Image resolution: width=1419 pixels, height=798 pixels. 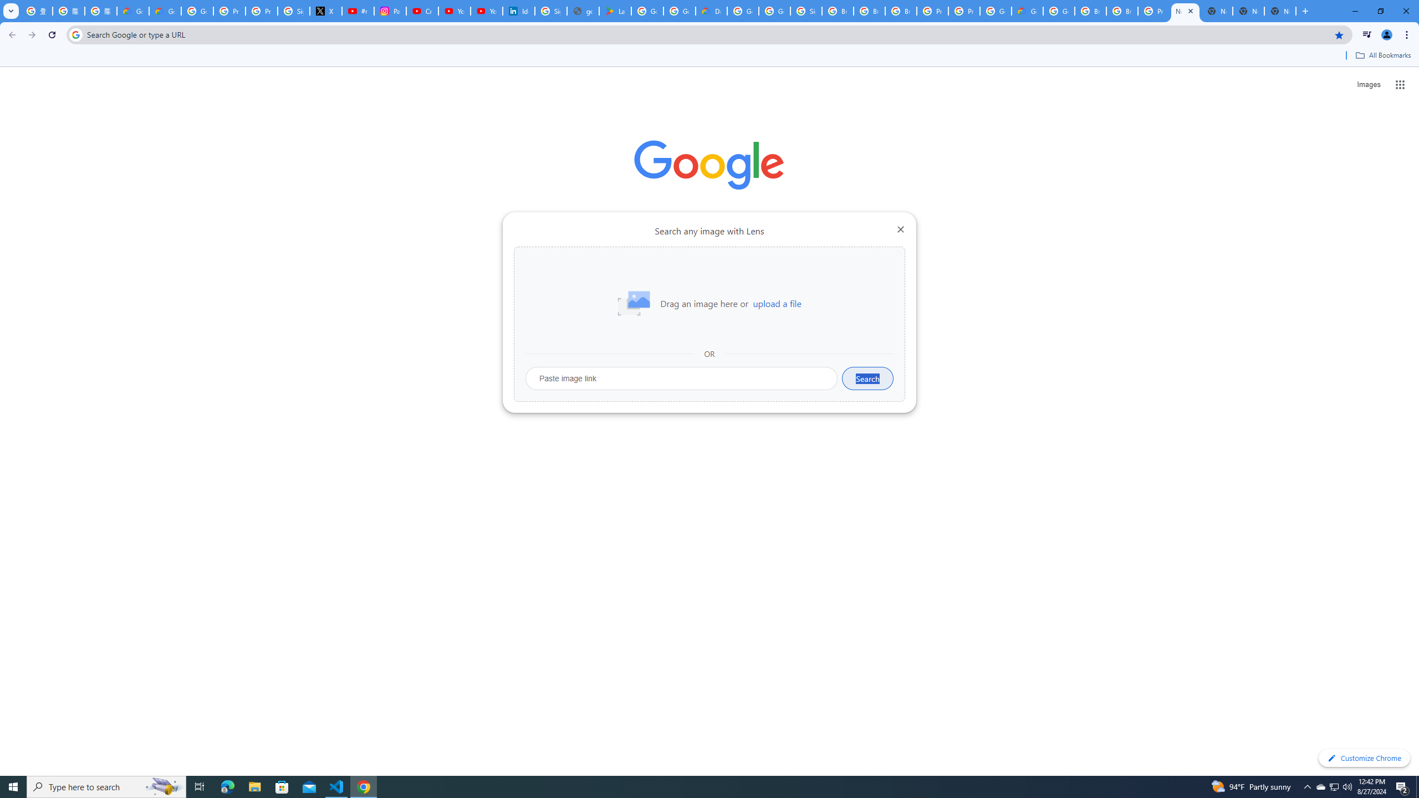 I want to click on 'All Bookmarks', so click(x=1382, y=55).